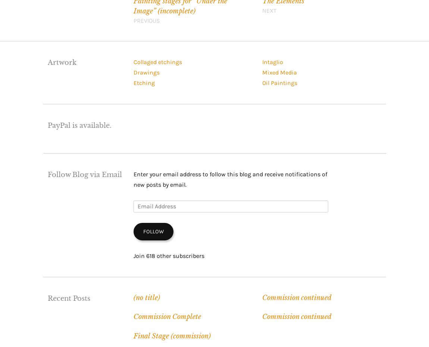  I want to click on 'Artwork', so click(61, 62).